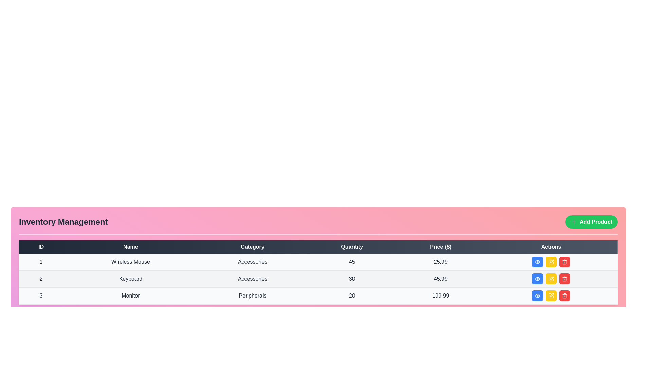 Image resolution: width=652 pixels, height=366 pixels. I want to click on the Row Identifier located in the leftmost column of the second row, which corresponds to the 'Keyboard' entry in the Accessories category, so click(41, 279).